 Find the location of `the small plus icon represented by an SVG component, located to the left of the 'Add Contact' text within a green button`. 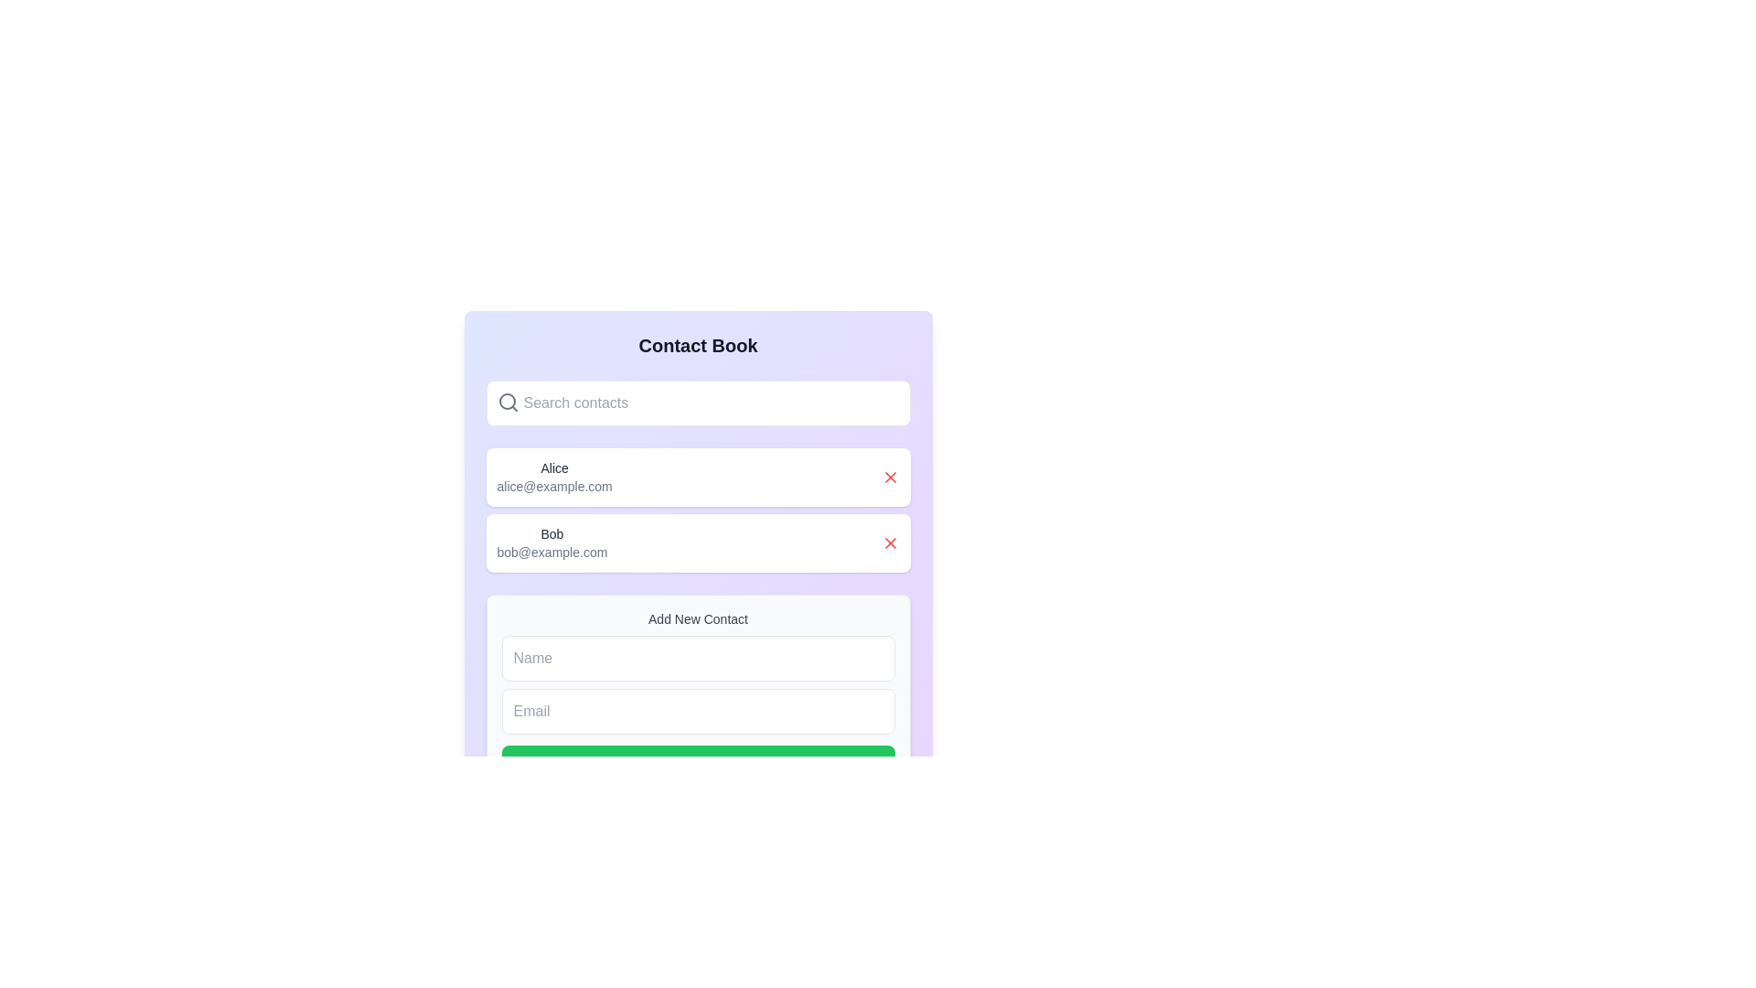

the small plus icon represented by an SVG component, located to the left of the 'Add Contact' text within a green button is located at coordinates (652, 764).